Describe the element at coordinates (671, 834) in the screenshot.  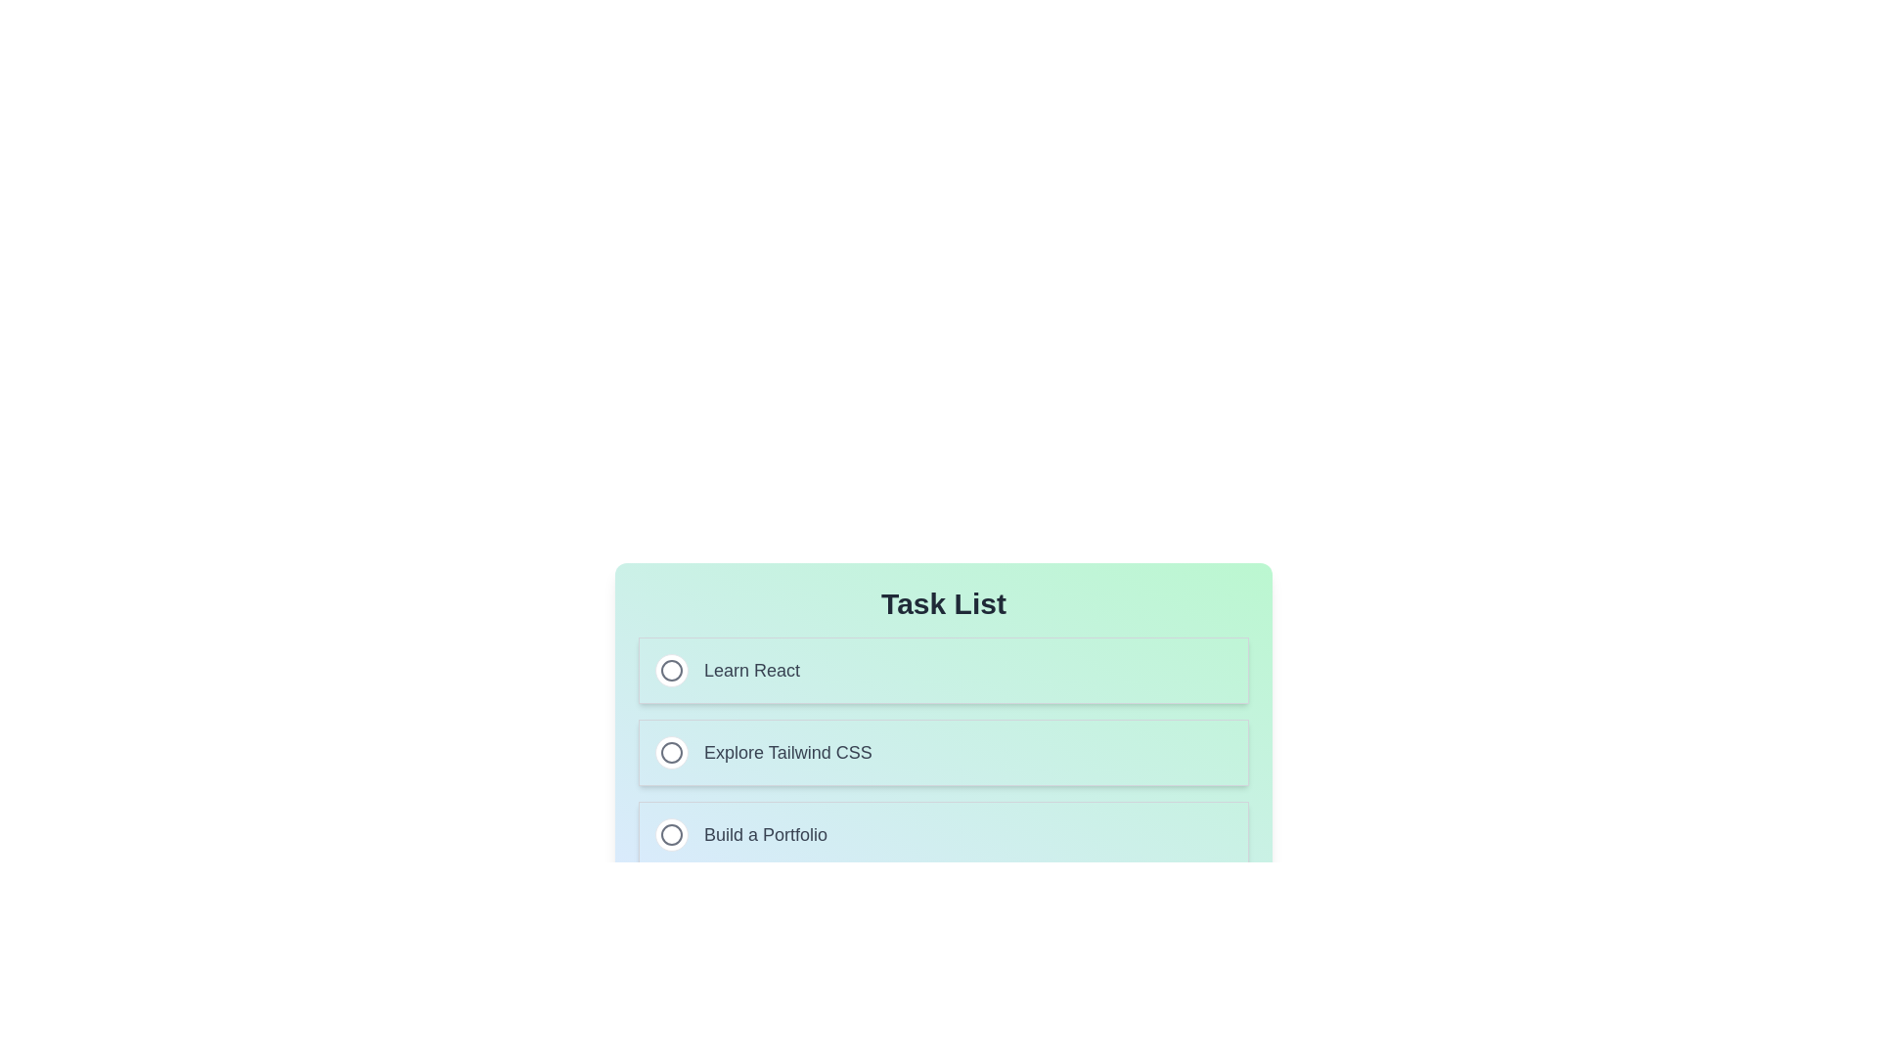
I see `the circular marker icon with a gray outline located near the 'Build a Portfolio' item in the task list` at that location.